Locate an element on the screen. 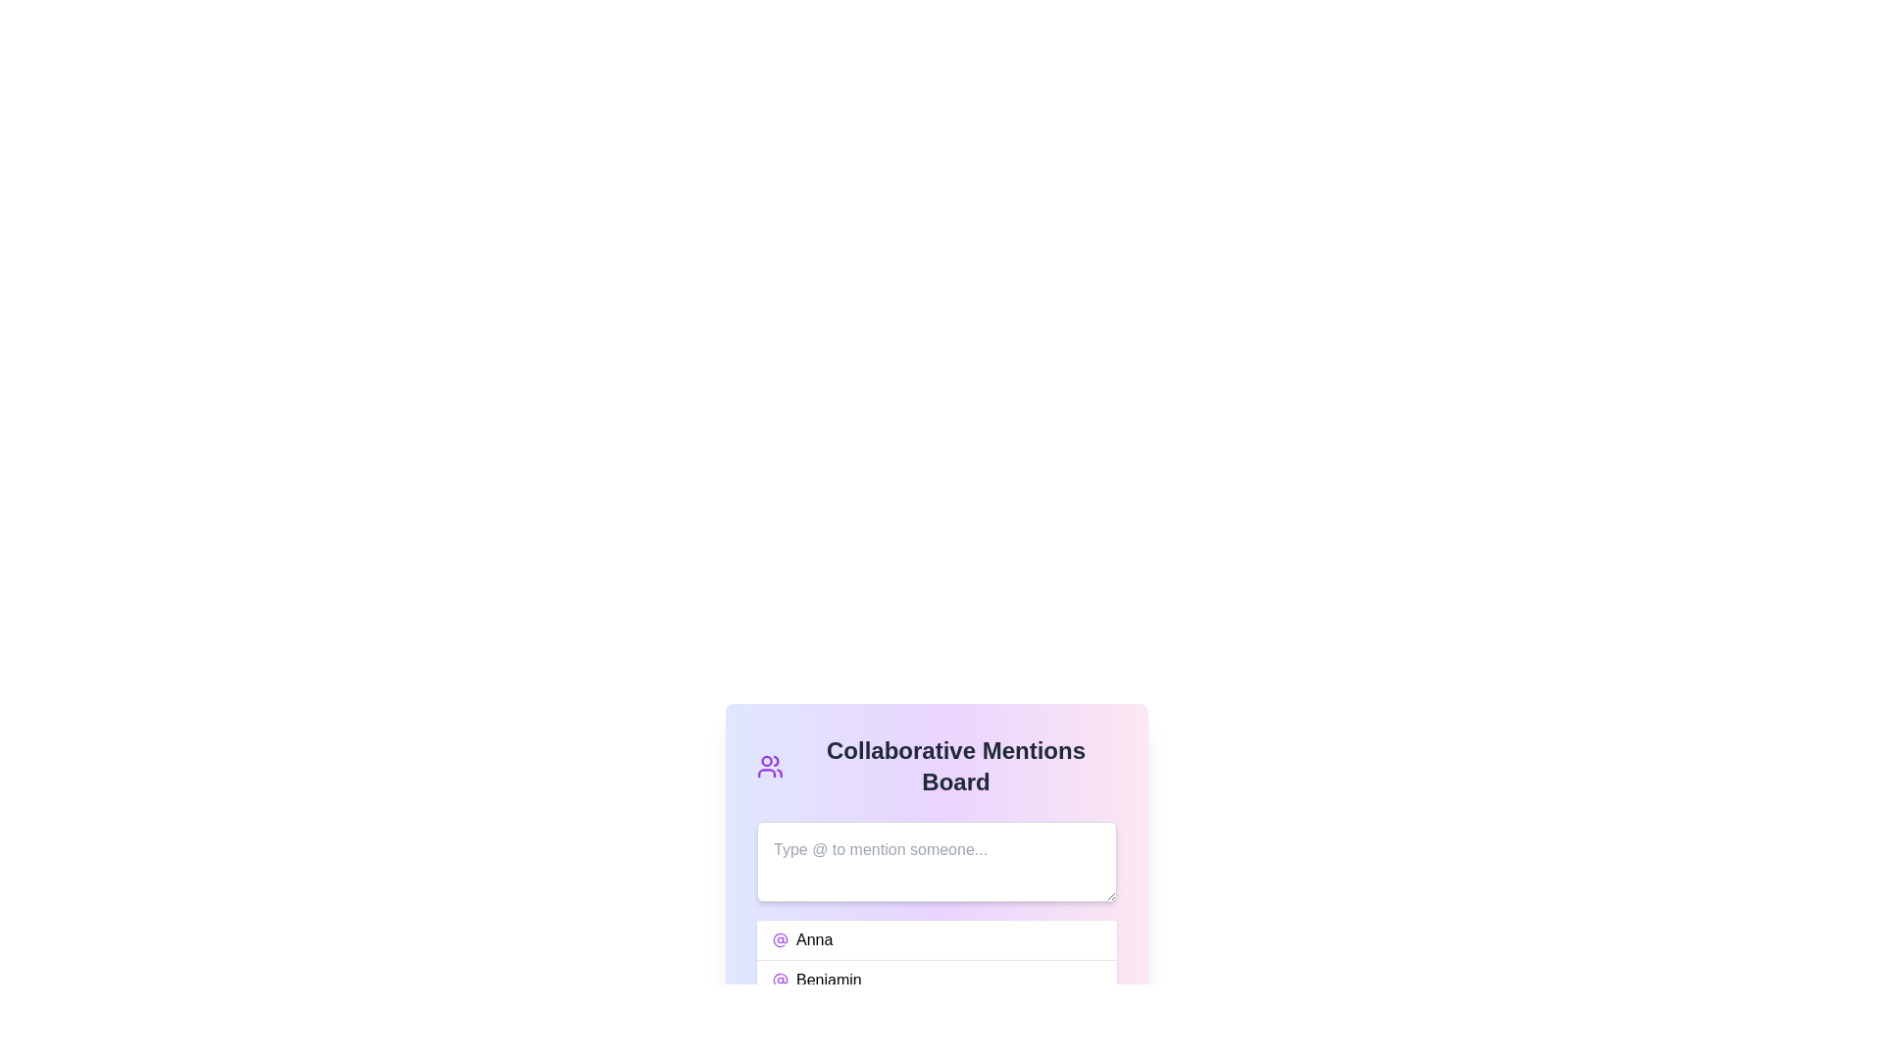 This screenshot has height=1059, width=1883. the vector graphic component that visually represents a group or community of users, located at the top-left corner of the interface above the 'Collaborative Mentions Board' is located at coordinates (766, 772).